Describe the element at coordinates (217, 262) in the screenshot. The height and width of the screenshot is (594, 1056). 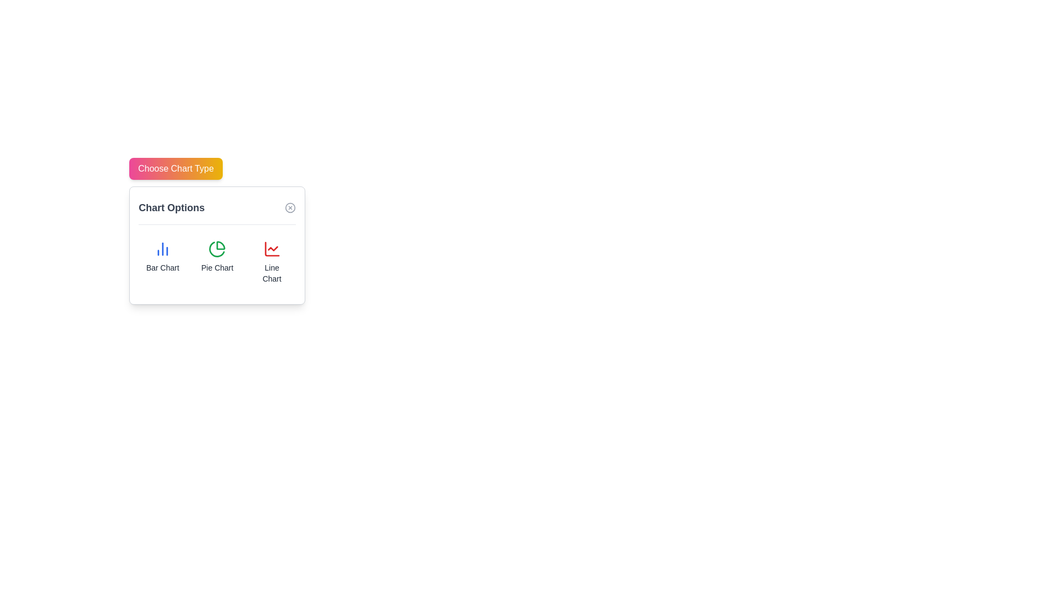
I see `one of the chart options in the Grid of selectable options within the 'Chart Options' modal` at that location.